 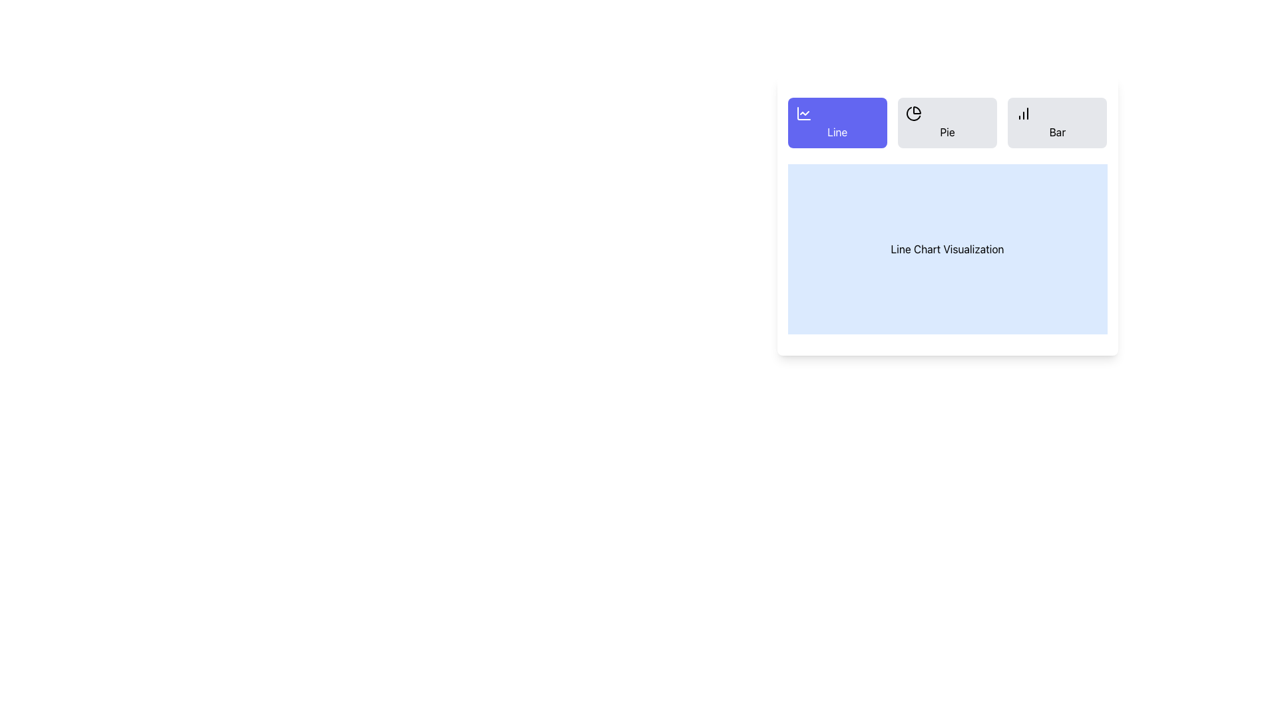 I want to click on the first button in a row of three buttons (Line, Pie, Bar) located near the top-right portion of the interface, so click(x=836, y=123).